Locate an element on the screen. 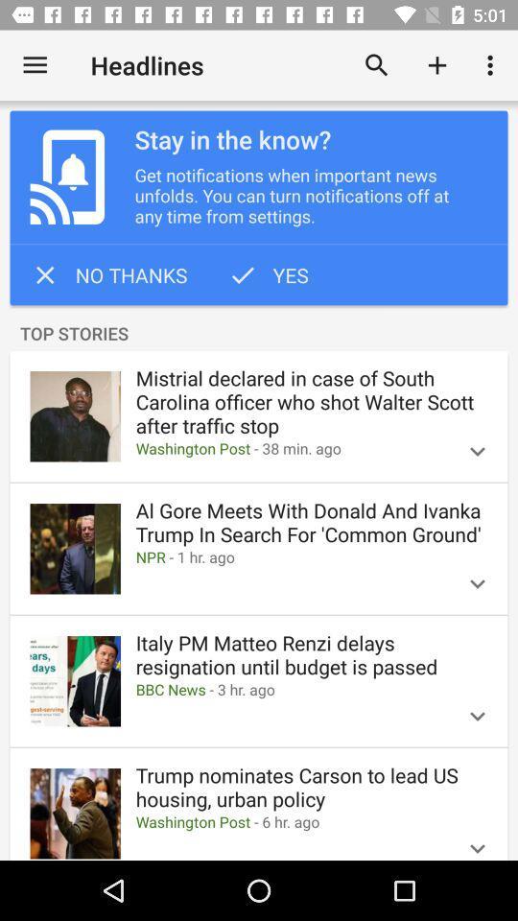  the expand_more icon is located at coordinates (476, 715).